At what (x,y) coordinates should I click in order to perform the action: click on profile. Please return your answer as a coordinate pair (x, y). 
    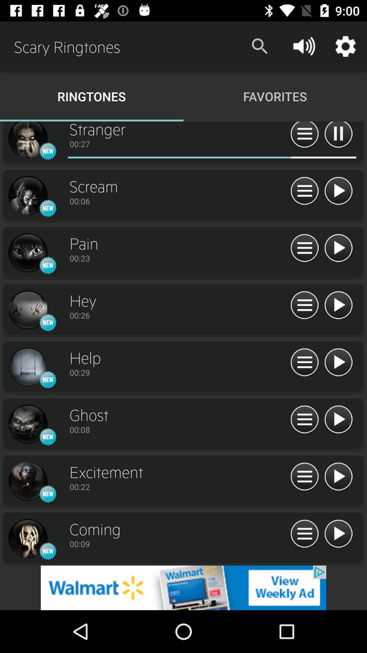
    Looking at the image, I should click on (27, 367).